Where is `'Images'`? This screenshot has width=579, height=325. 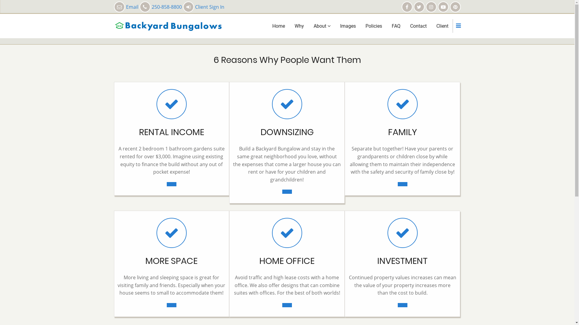
'Images' is located at coordinates (348, 26).